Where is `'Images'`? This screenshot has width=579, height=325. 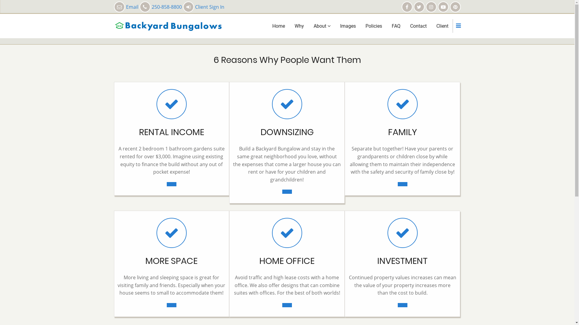
'Images' is located at coordinates (348, 26).